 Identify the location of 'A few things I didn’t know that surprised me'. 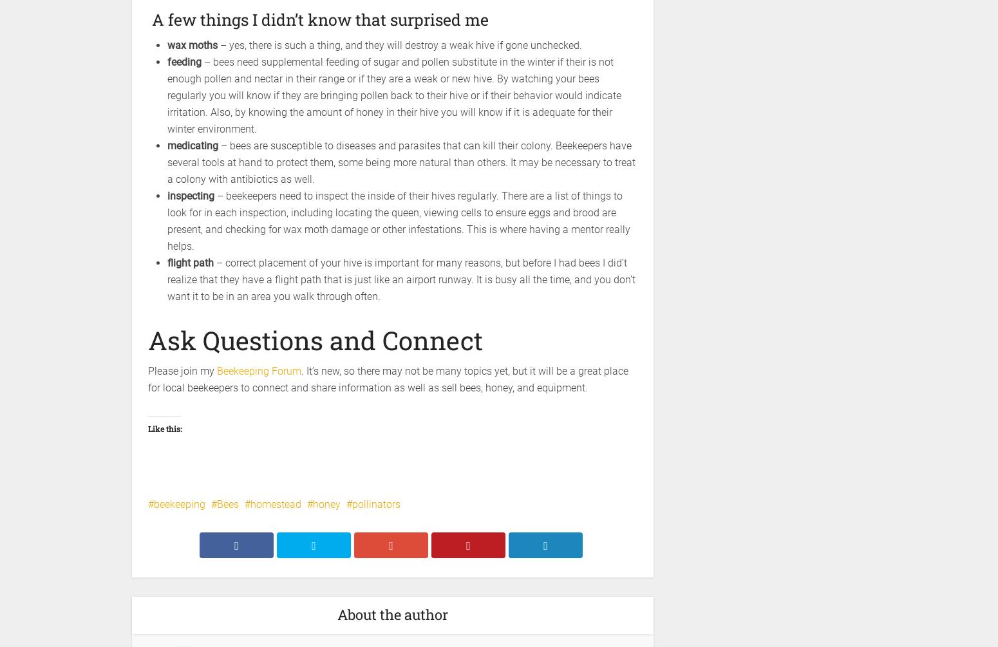
(317, 19).